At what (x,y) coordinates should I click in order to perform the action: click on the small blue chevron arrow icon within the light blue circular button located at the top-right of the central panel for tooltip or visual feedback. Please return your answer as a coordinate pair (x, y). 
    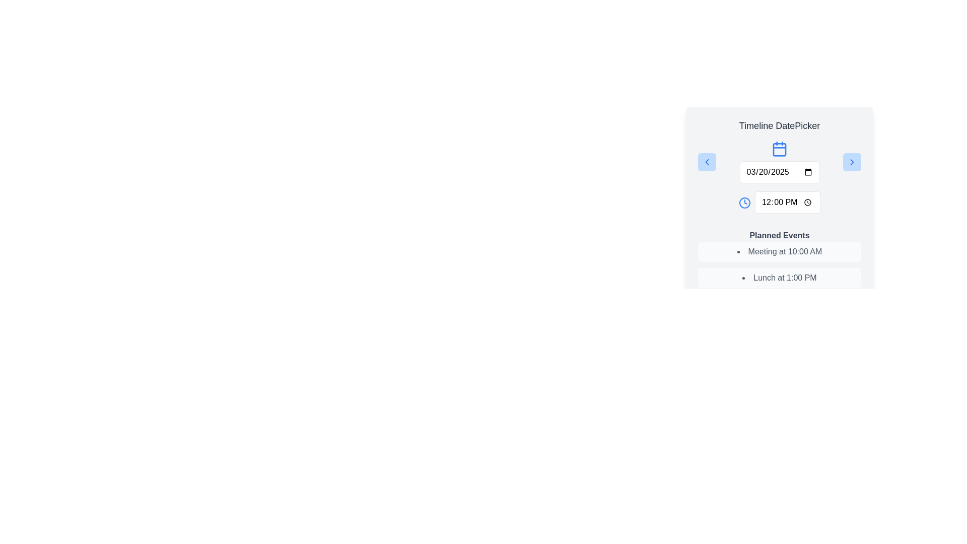
    Looking at the image, I should click on (851, 161).